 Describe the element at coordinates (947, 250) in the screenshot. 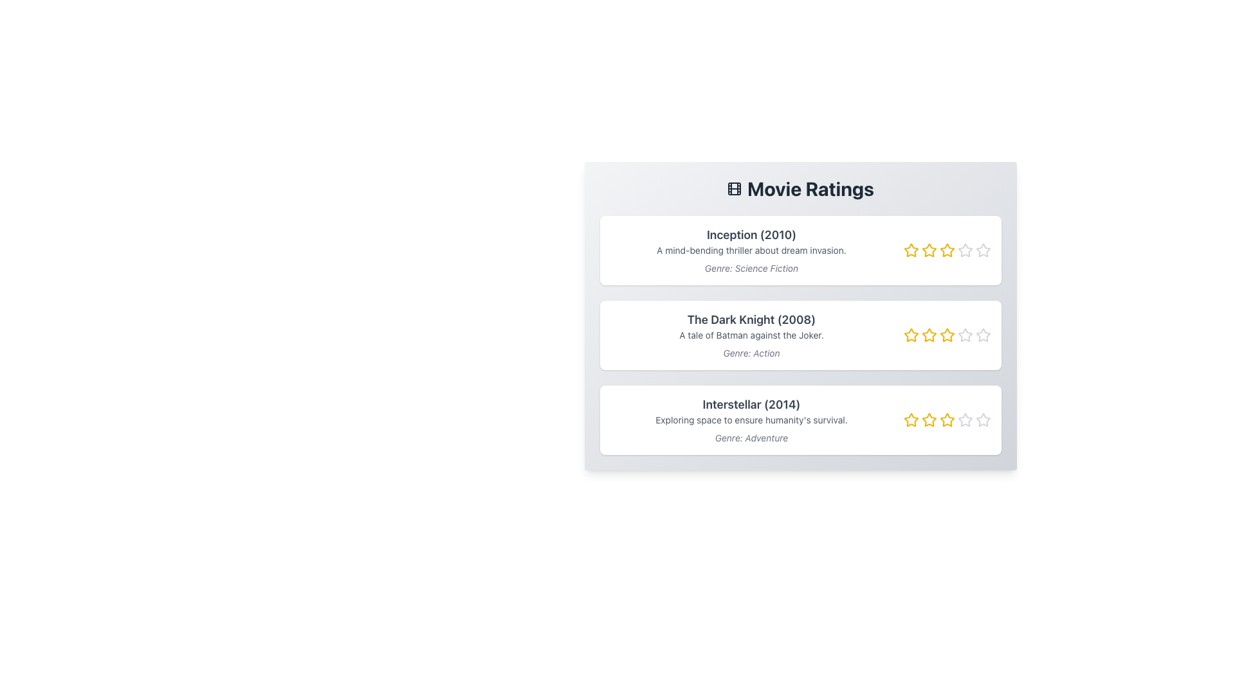

I see `the third Rating Star Icon for the movie 'Inception (2010)'` at that location.